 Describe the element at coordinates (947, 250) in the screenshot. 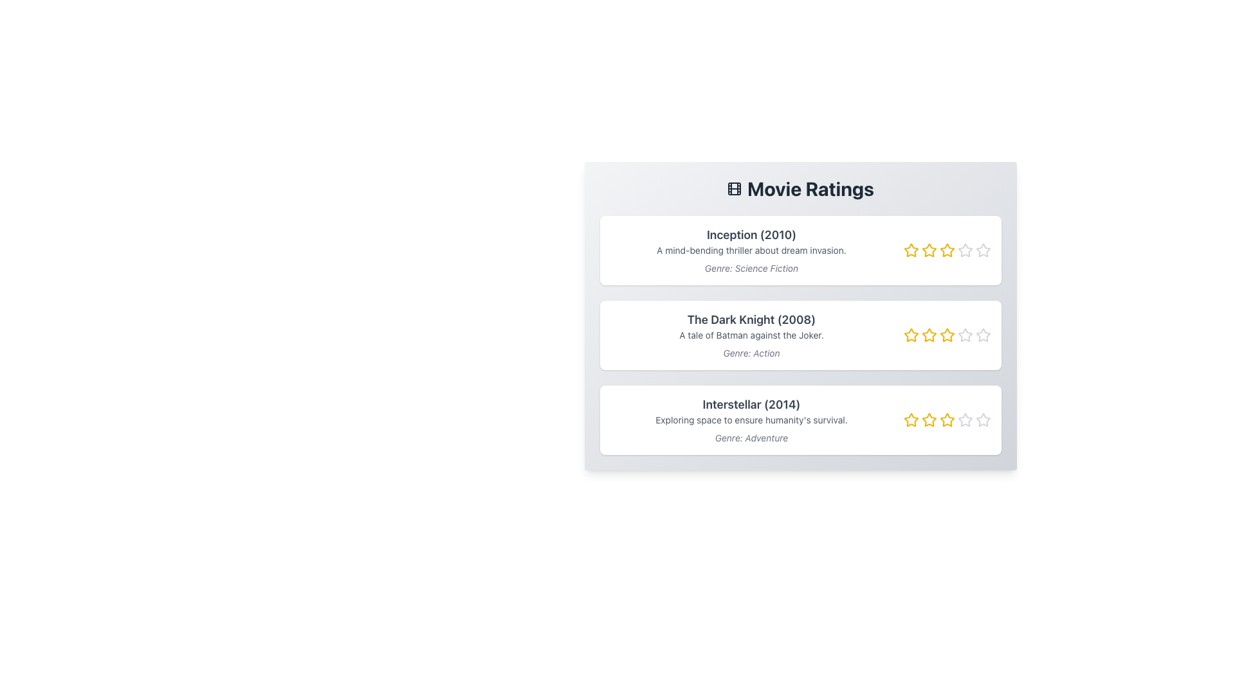

I see `the third Rating Star Icon for the movie 'Inception (2010)'` at that location.